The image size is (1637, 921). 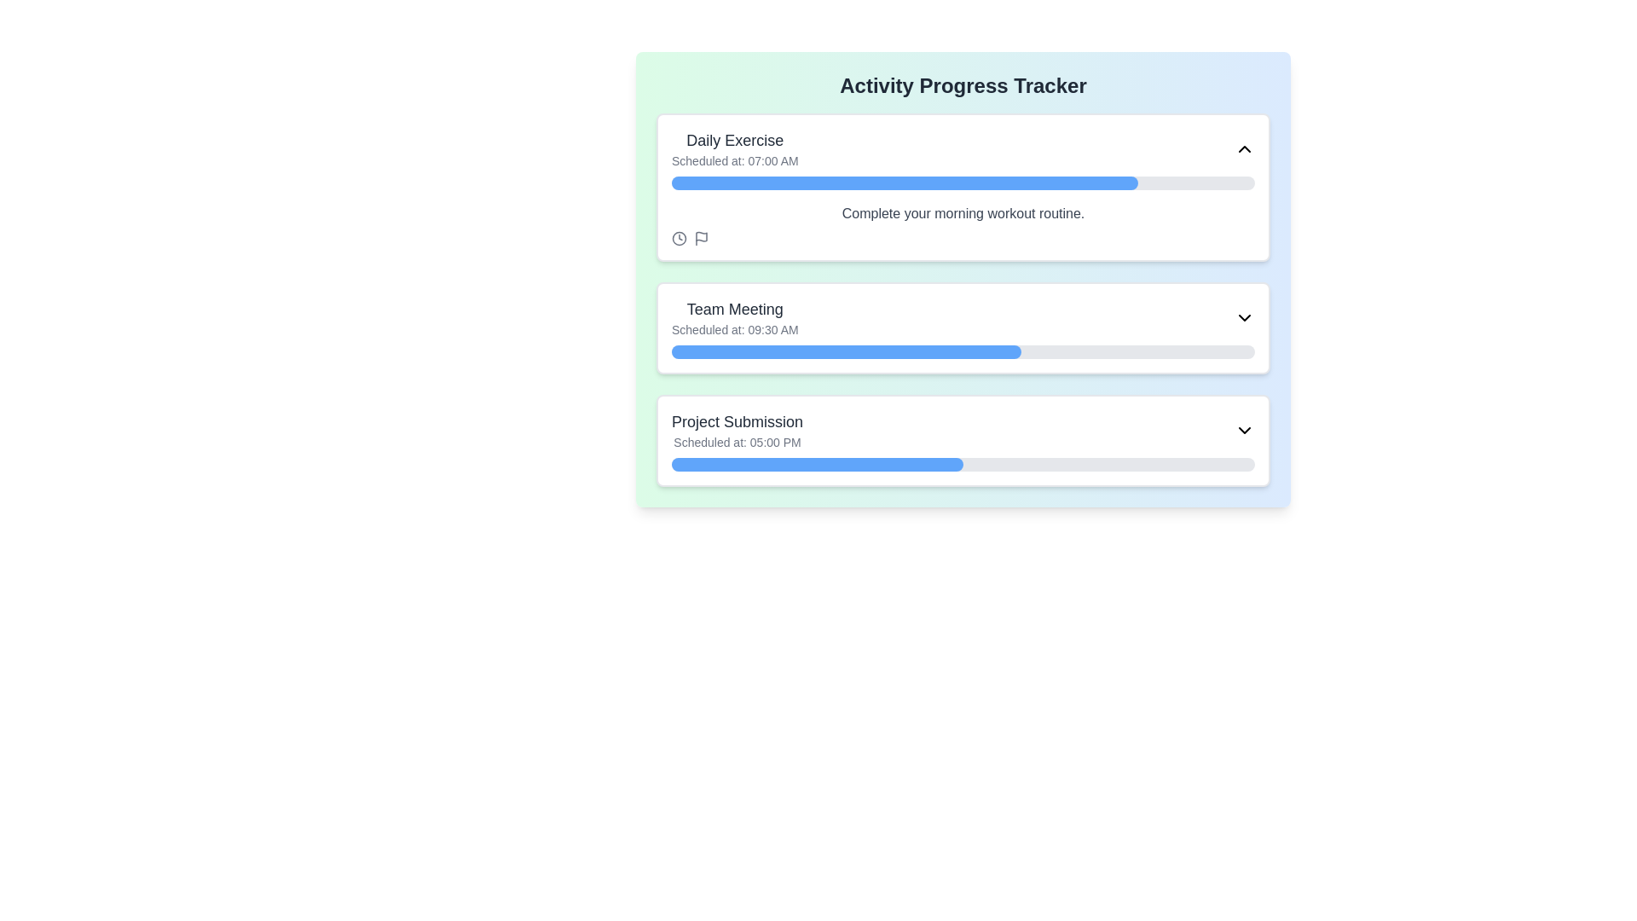 What do you see at coordinates (735, 140) in the screenshot?
I see `the text label that serves as the title of the scheduled activity in the list, located at the top-left corner of the first item in the activity list, above 'Scheduled at: 07:00 AM' and below the green header area` at bounding box center [735, 140].